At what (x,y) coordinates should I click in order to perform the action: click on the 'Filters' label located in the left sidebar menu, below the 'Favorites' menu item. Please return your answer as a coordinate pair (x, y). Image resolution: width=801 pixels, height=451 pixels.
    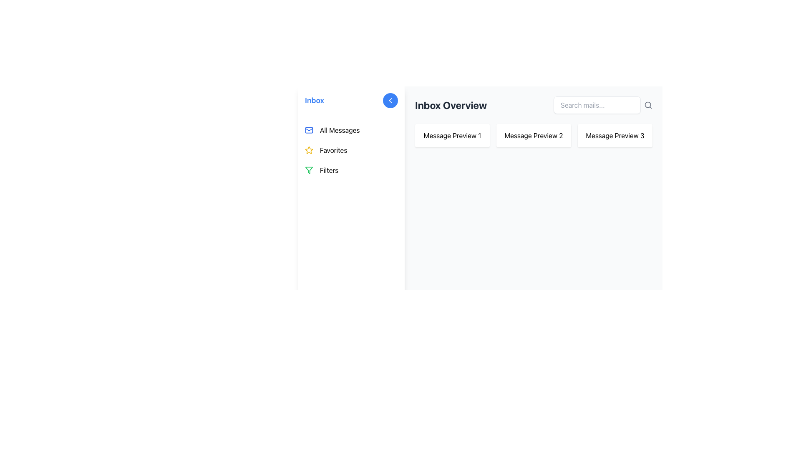
    Looking at the image, I should click on (329, 170).